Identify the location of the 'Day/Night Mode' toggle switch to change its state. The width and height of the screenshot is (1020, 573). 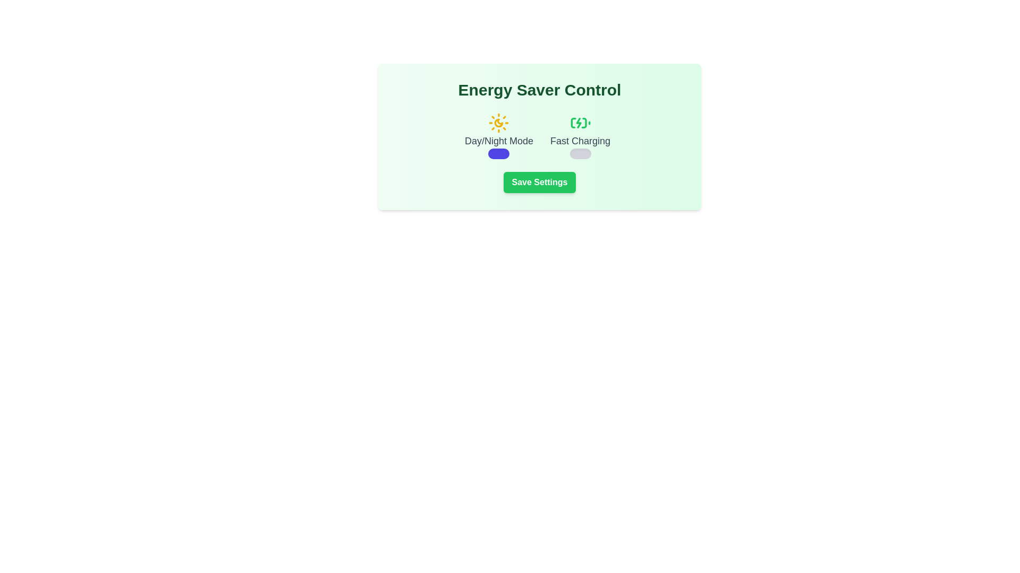
(498, 153).